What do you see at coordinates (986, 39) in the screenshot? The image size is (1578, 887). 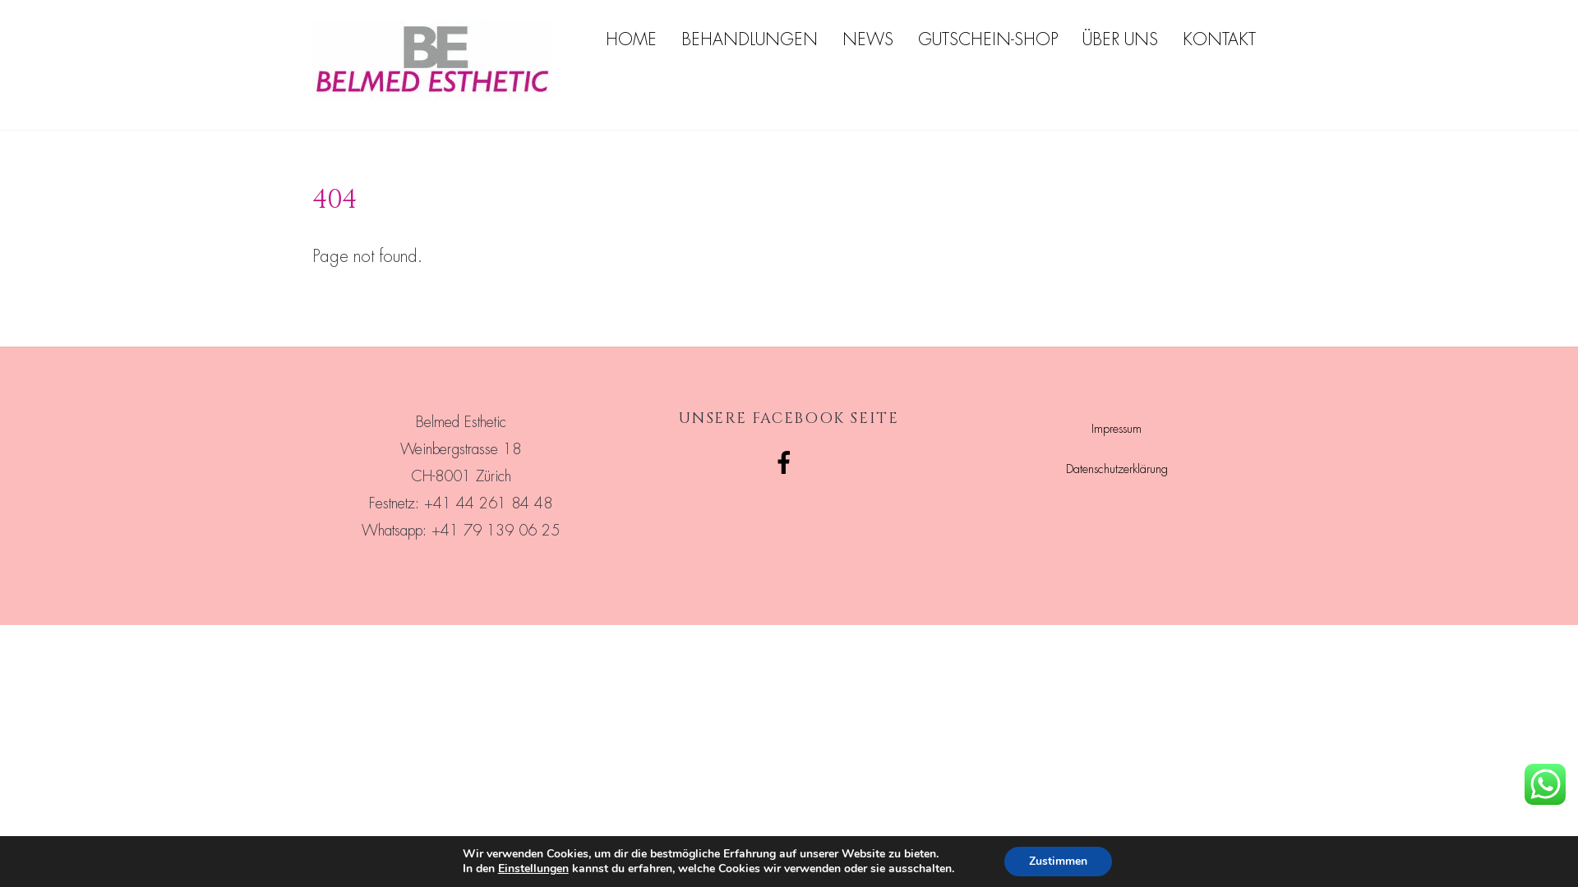 I see `'GUTSCHEIN-SHOP'` at bounding box center [986, 39].